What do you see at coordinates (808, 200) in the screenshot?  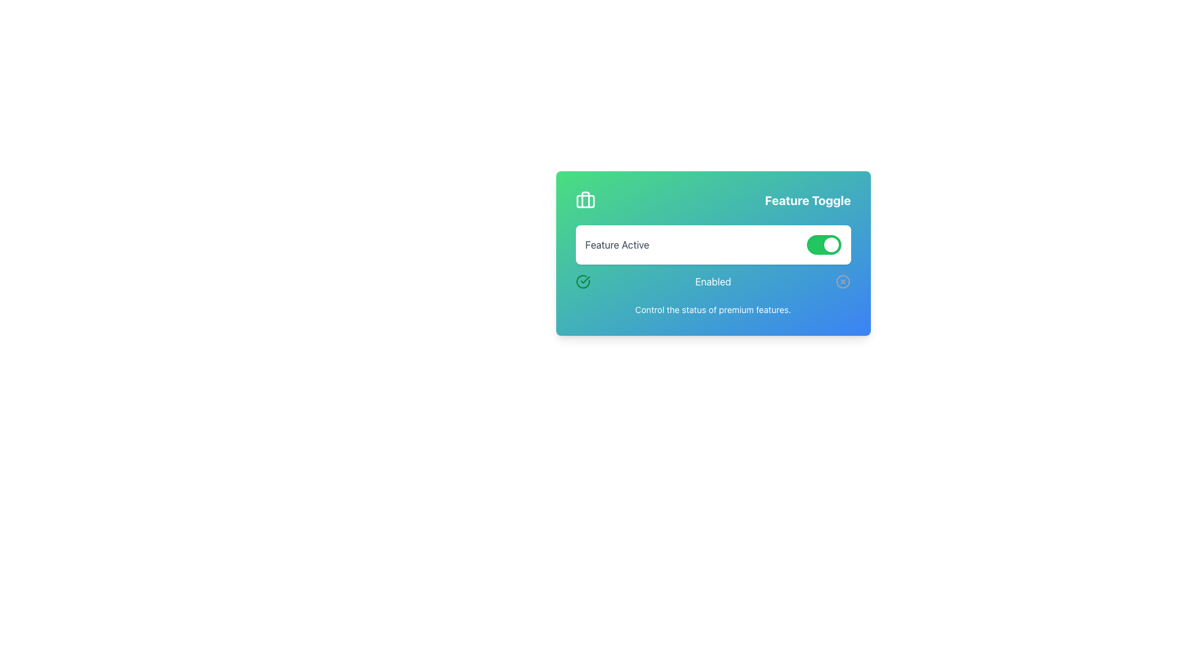 I see `the static text label displaying 'Feature Toggle', which indicates the purpose of the surrounding interface` at bounding box center [808, 200].